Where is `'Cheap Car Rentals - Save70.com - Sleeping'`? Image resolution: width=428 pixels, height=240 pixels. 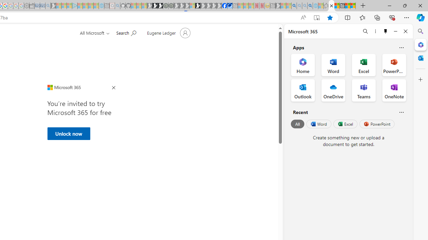
'Cheap Car Rentals - Save70.com - Sleeping' is located at coordinates (42, 6).